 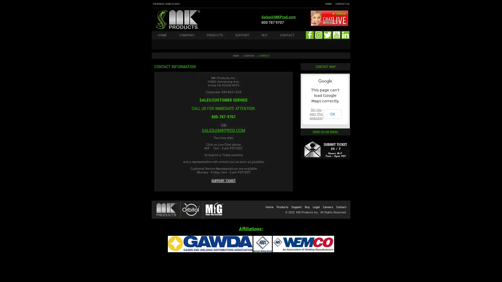 I want to click on Keyboard shortcuts, so click(x=305, y=127).